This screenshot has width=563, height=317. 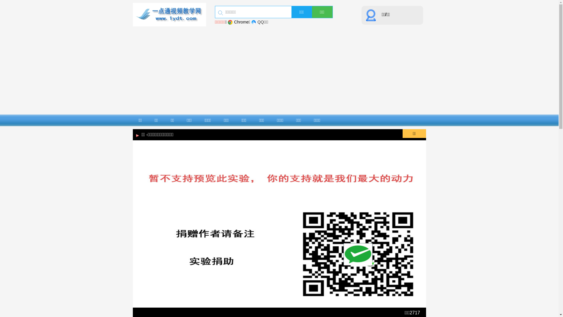 What do you see at coordinates (279, 70) in the screenshot?
I see `'Advertisement'` at bounding box center [279, 70].